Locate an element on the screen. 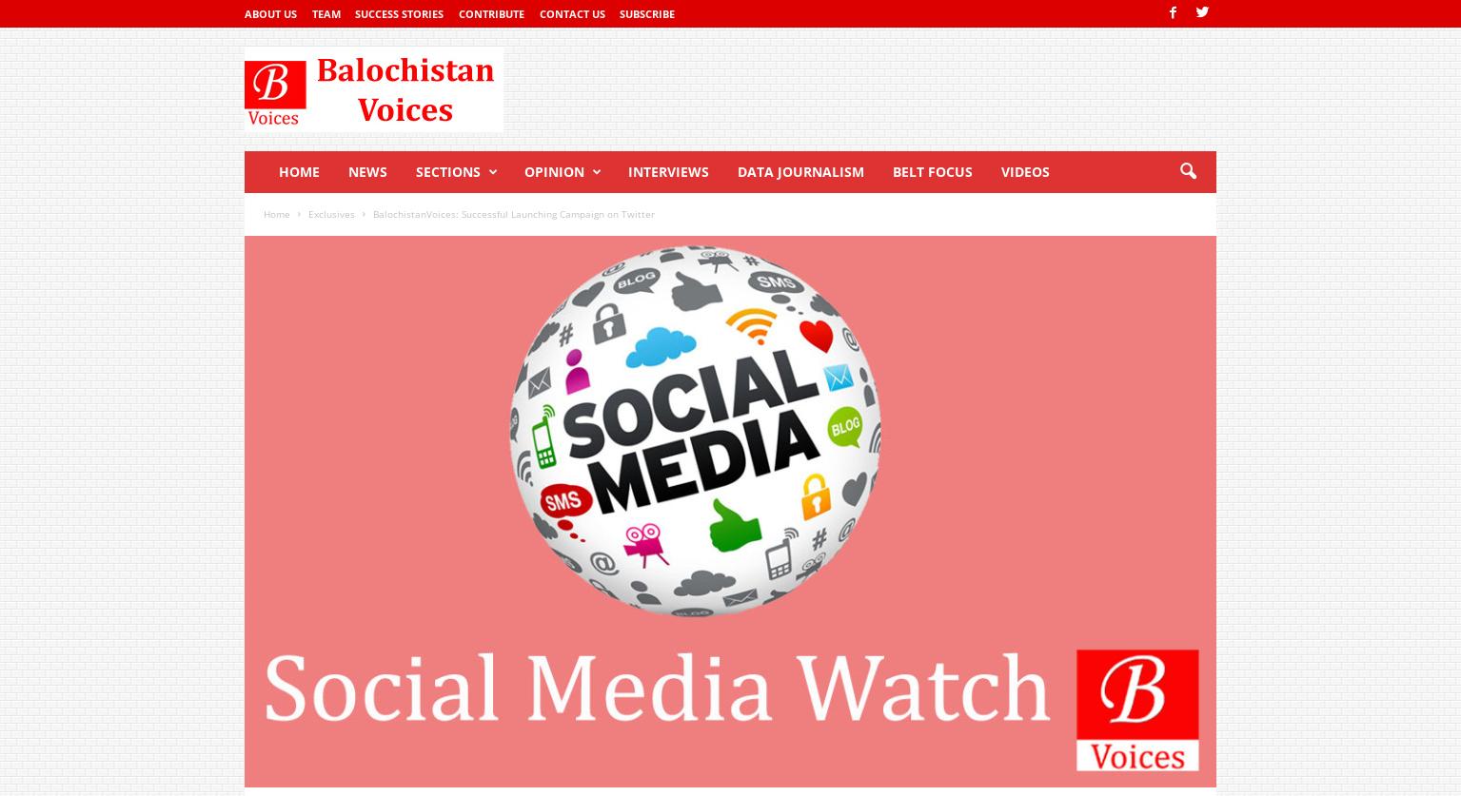 The height and width of the screenshot is (796, 1461). 'Contact Us' is located at coordinates (537, 13).